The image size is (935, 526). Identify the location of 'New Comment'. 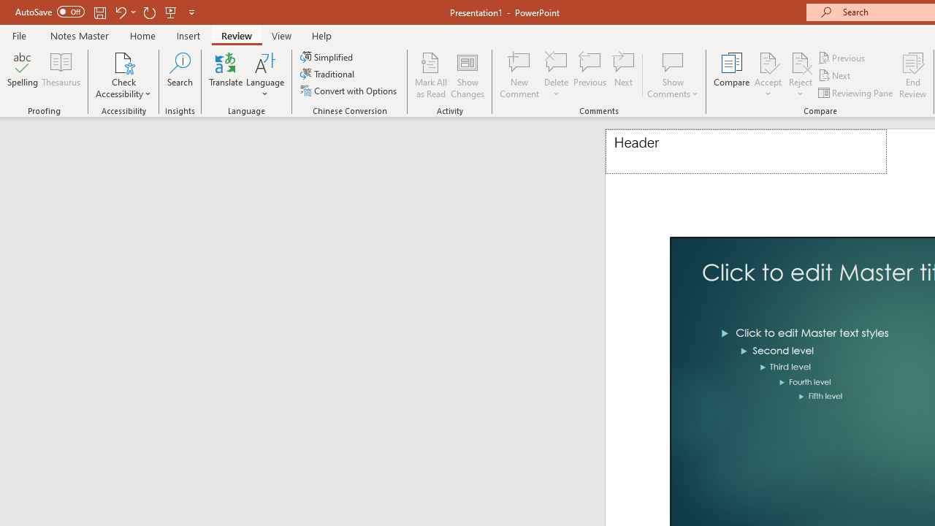
(519, 75).